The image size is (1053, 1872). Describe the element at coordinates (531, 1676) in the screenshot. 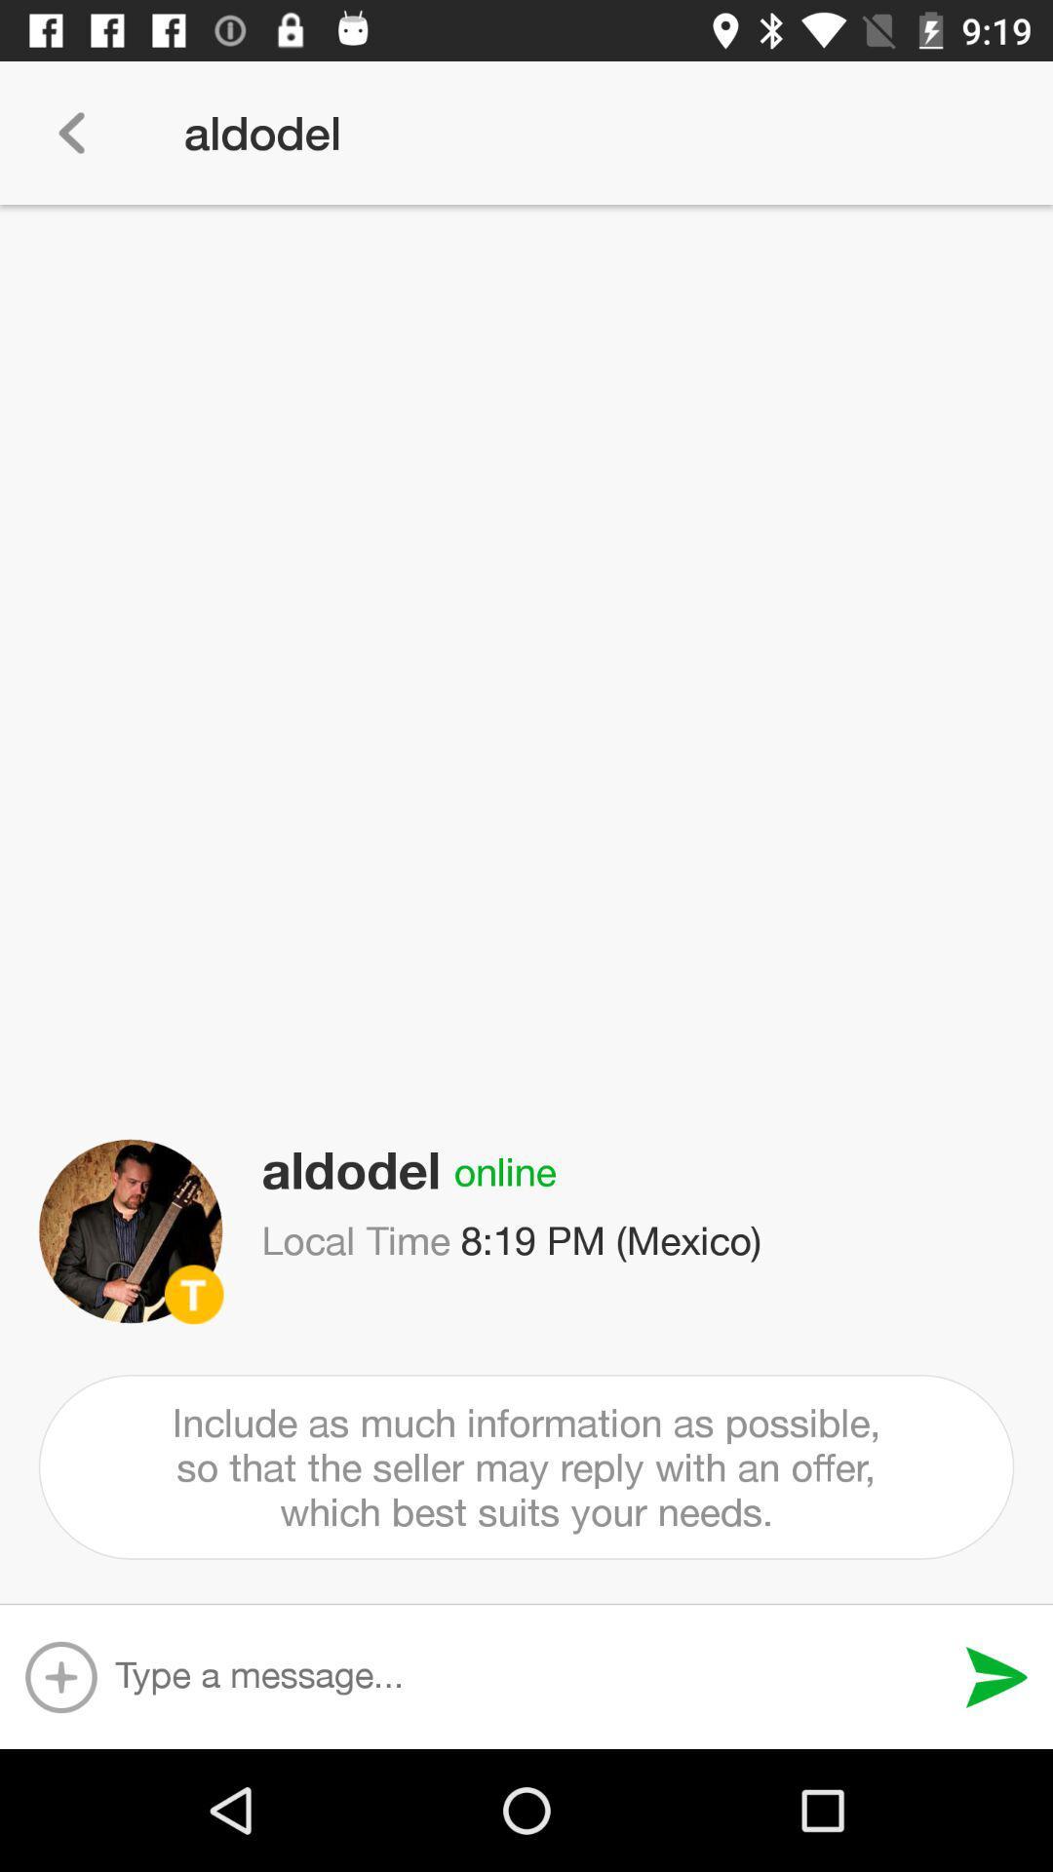

I see `text input bar` at that location.